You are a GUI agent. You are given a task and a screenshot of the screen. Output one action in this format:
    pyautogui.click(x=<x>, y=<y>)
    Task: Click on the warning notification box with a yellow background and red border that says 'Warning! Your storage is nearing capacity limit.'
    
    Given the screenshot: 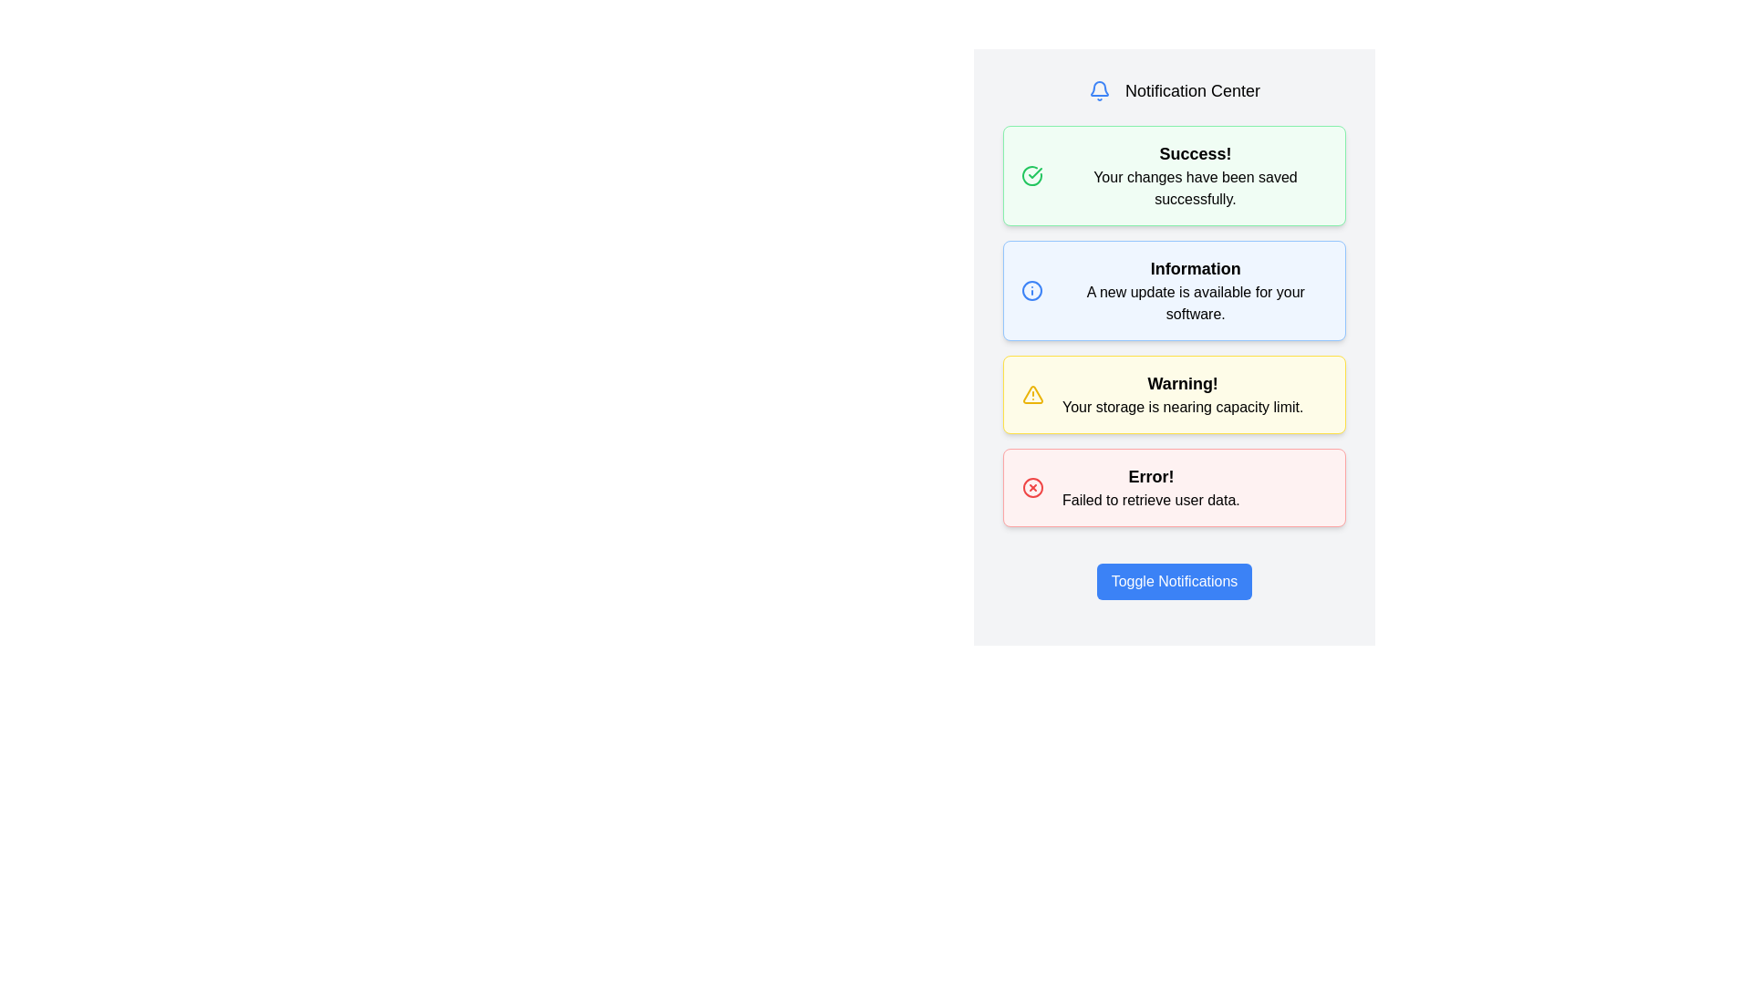 What is the action you would take?
    pyautogui.click(x=1174, y=393)
    